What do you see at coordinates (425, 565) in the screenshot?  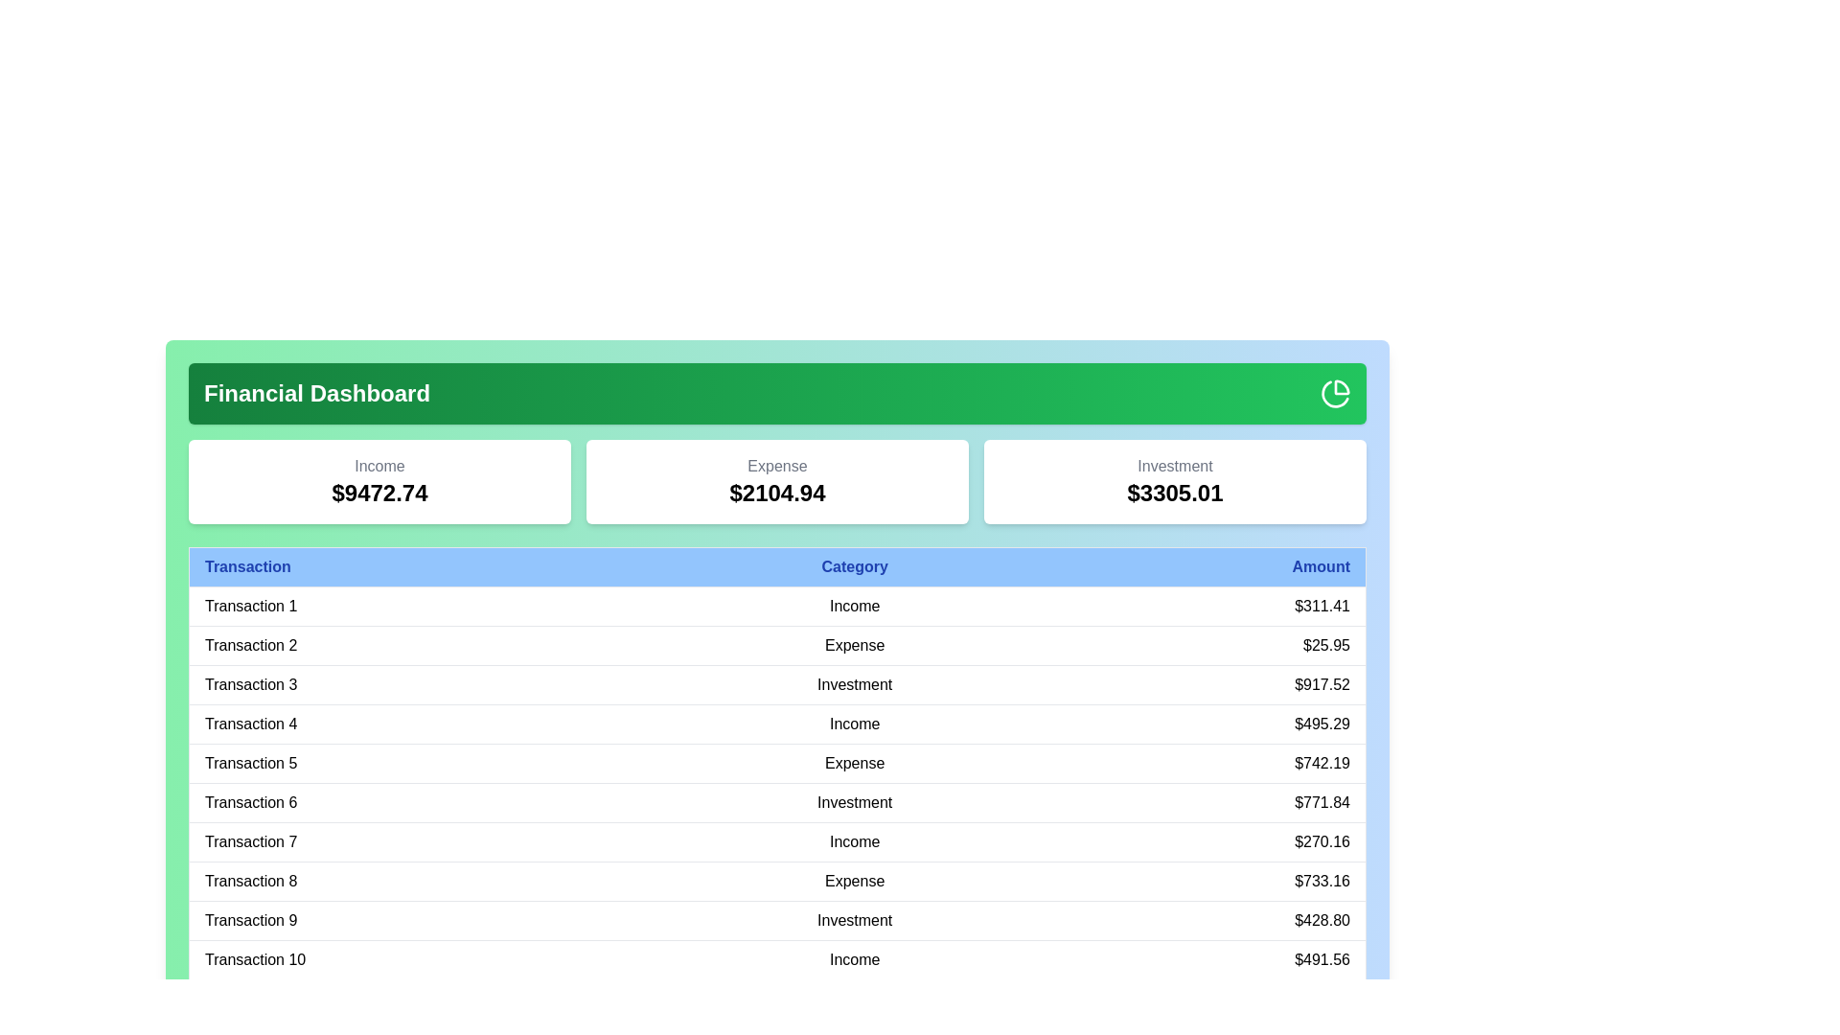 I see `the column header to sort by Transaction` at bounding box center [425, 565].